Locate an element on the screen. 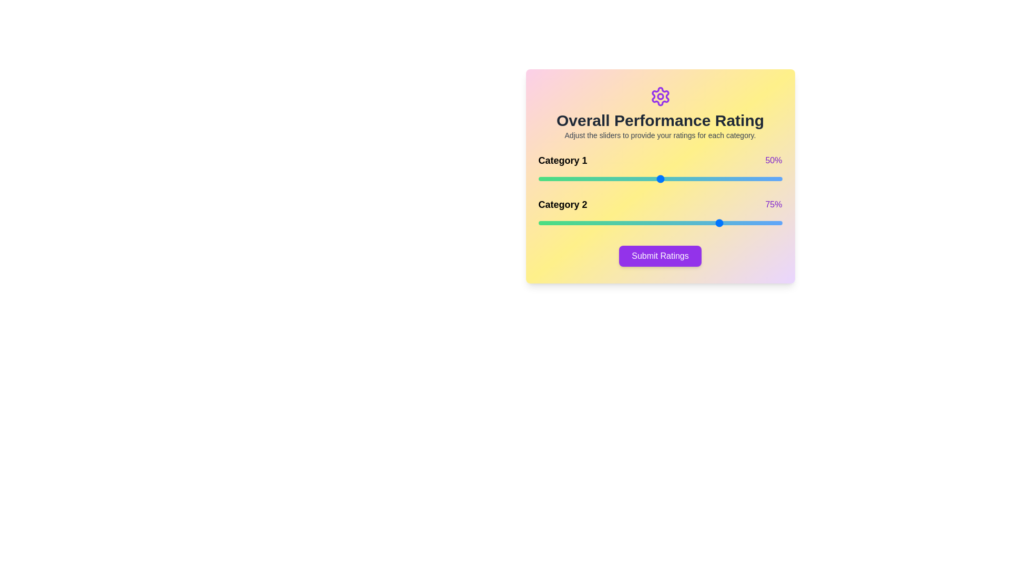  the slider for Category 2 to set its rating to 61% is located at coordinates (687, 222).